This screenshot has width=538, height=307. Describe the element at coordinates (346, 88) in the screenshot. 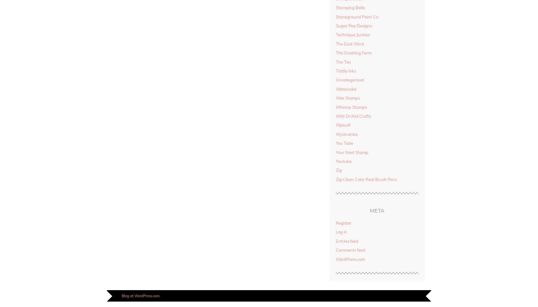

I see `'Watercolor'` at that location.